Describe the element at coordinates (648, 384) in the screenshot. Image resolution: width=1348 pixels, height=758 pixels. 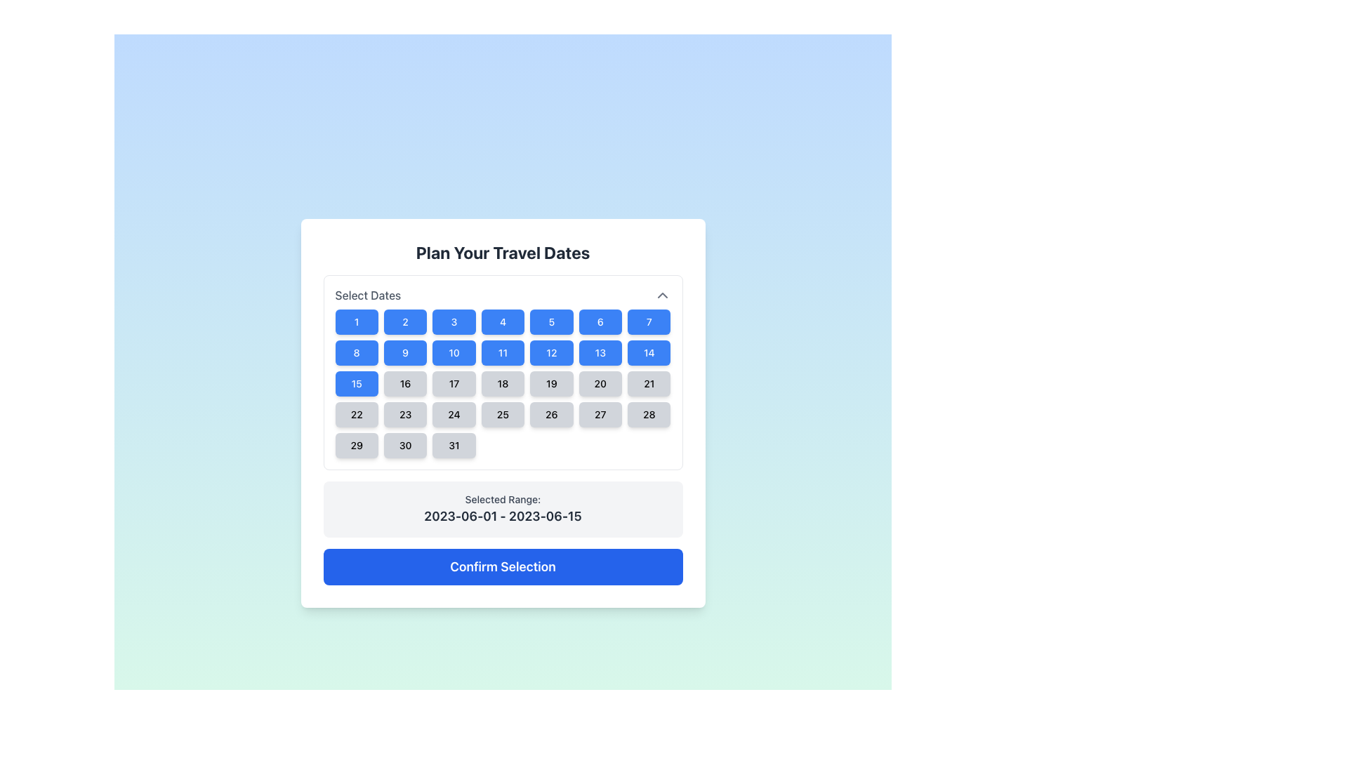
I see `the light gray rectangular button labeled '21' with bold black text` at that location.